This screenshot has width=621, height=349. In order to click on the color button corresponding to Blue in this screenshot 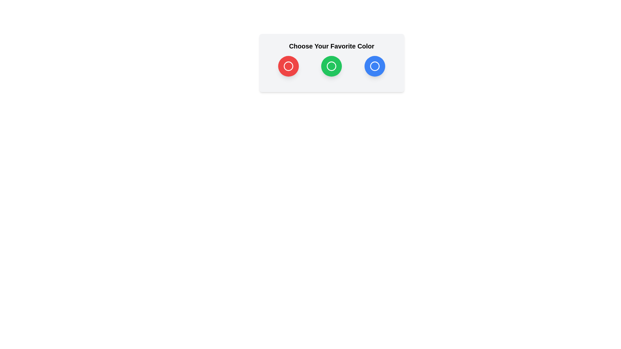, I will do `click(374, 66)`.